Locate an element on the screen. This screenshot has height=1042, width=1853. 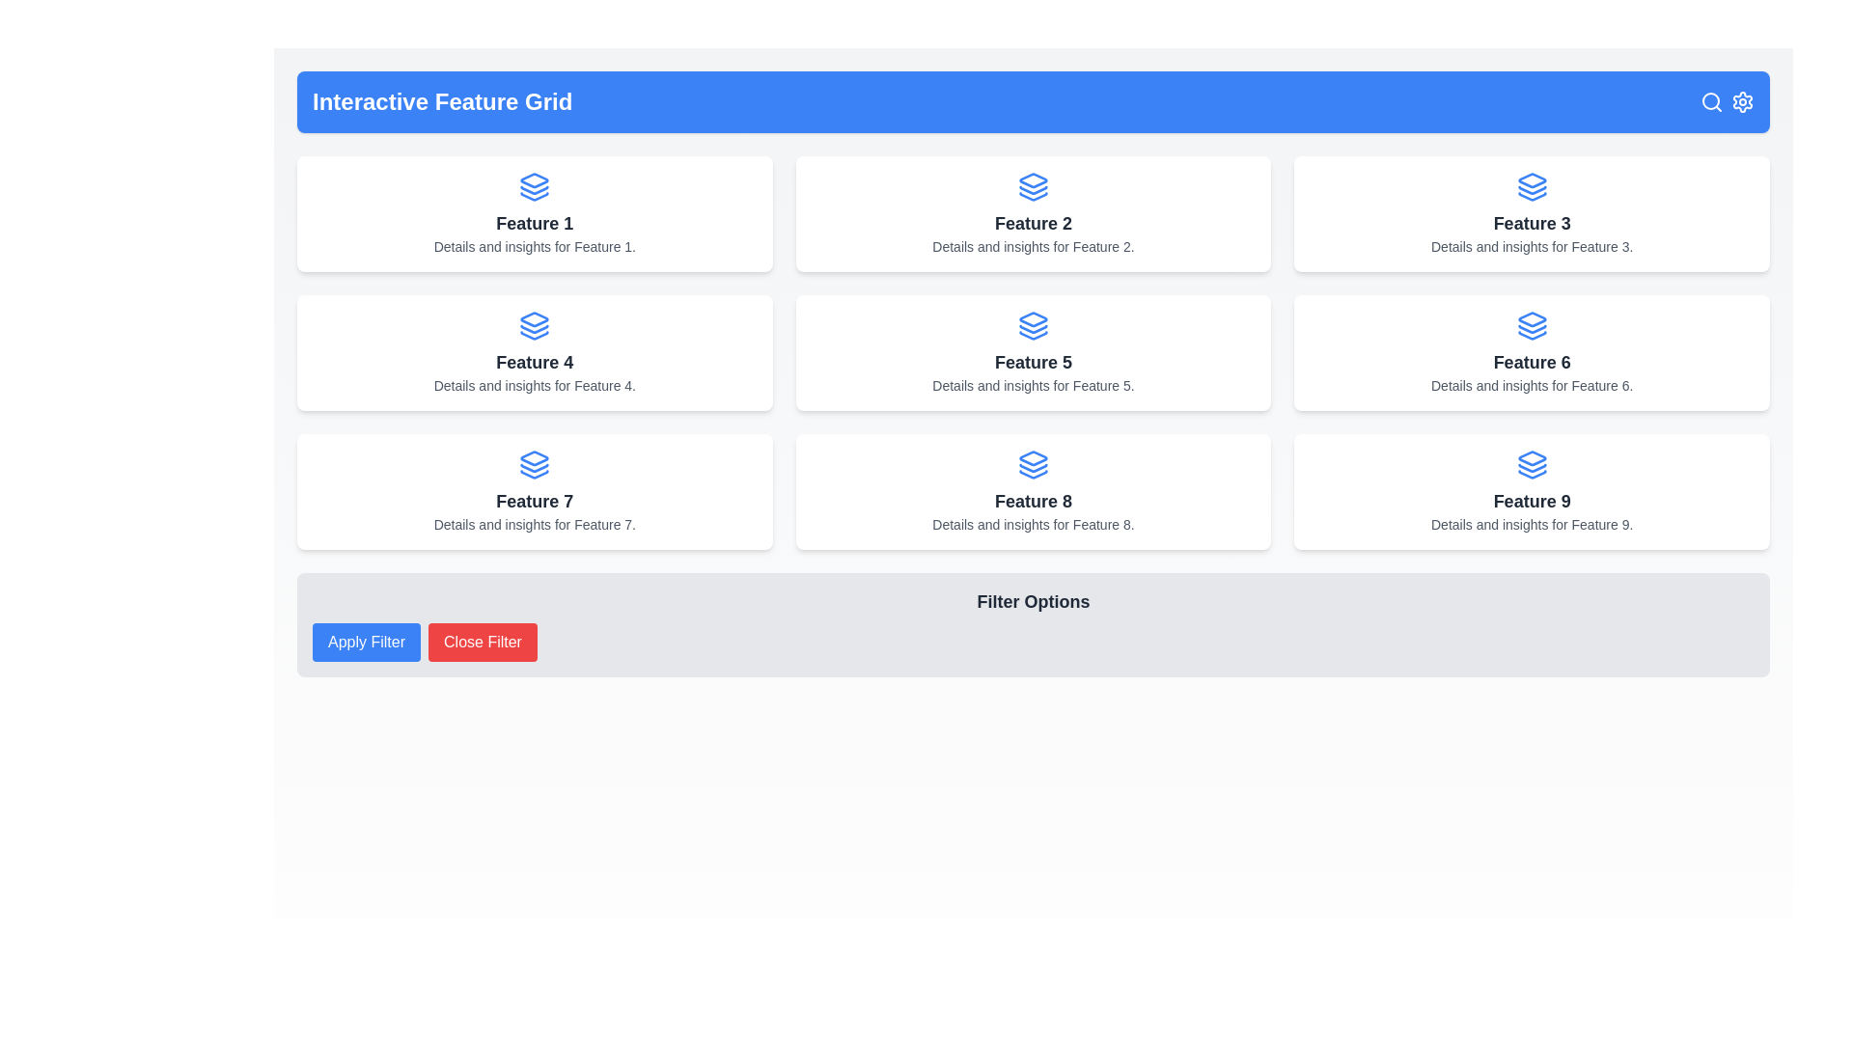
the bottom-most decorative graphic in the SVG stack, which is positioned above the 'Feature 4' card is located at coordinates (535, 334).